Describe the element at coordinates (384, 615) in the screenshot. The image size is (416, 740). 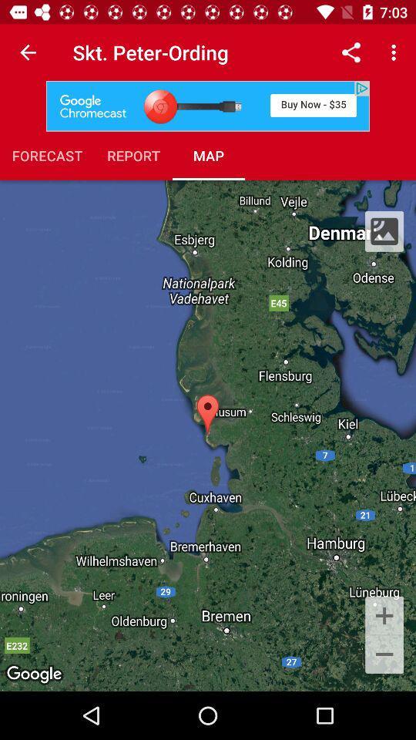
I see `the add icon` at that location.